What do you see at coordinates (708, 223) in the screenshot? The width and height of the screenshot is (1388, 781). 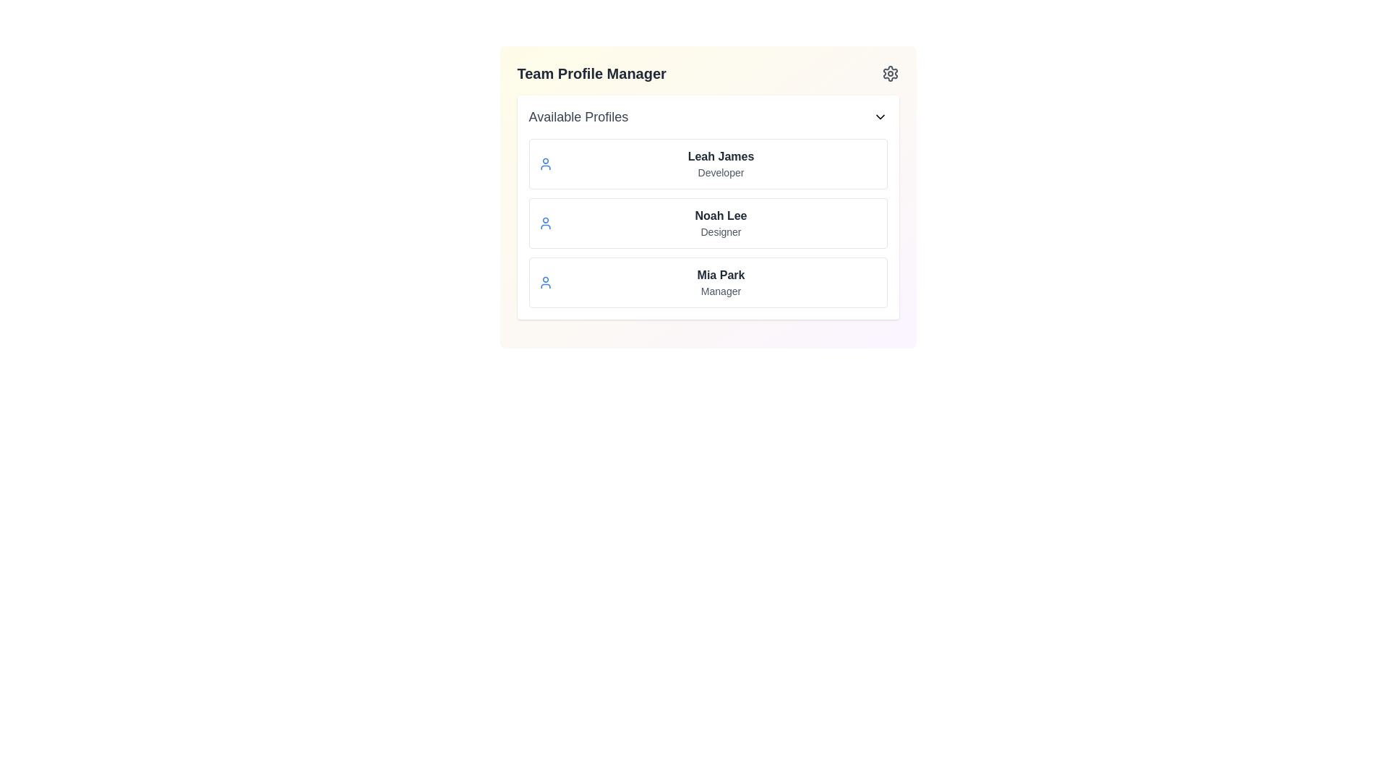 I see `the profile card for user 'Noah Lee', which is the second card` at bounding box center [708, 223].